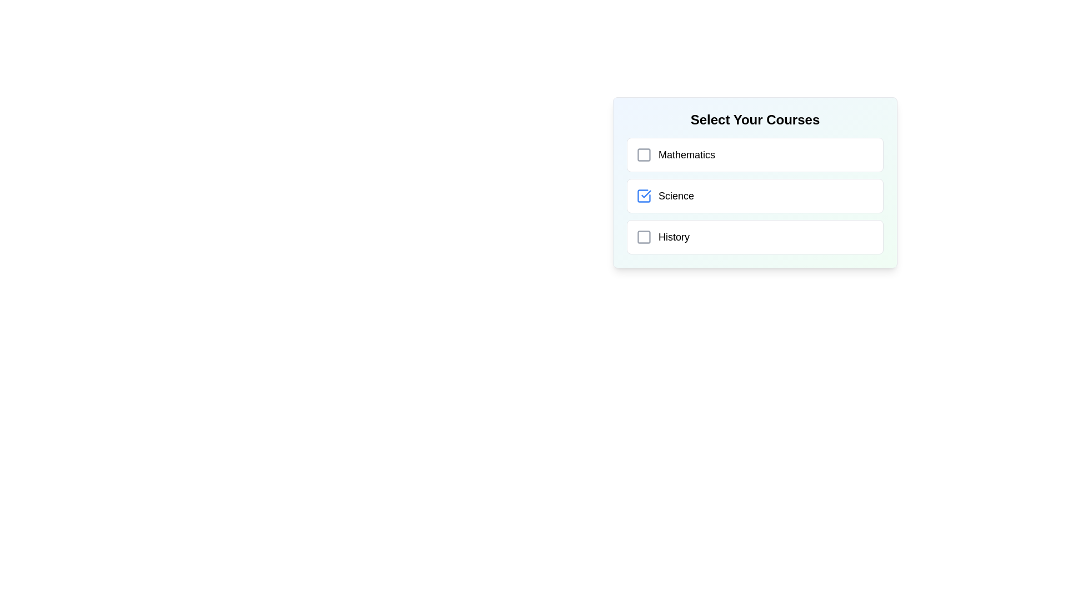 The image size is (1067, 600). Describe the element at coordinates (676, 196) in the screenshot. I see `'Science' text label associated with the checkbox in the second row under 'Select Your Courses'` at that location.